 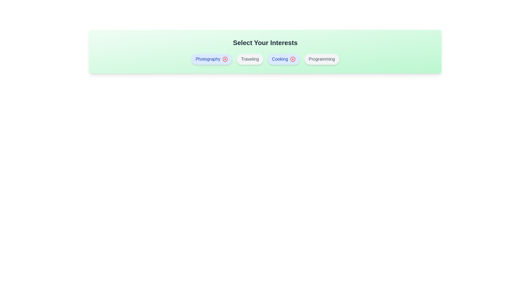 I want to click on the interest Photography by clicking on its button, so click(x=212, y=59).